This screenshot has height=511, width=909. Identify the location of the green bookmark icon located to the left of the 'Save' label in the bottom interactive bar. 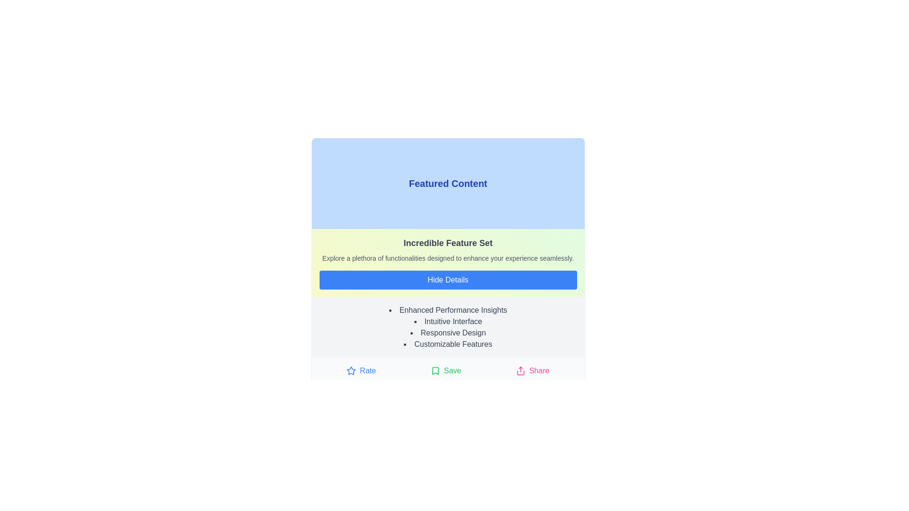
(435, 370).